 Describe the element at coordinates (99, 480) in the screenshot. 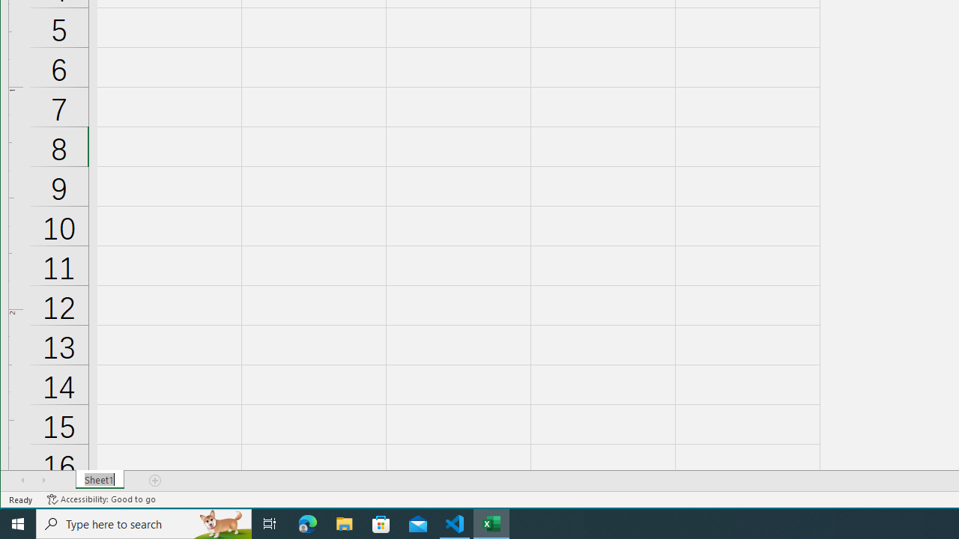

I see `'Sheet Tab'` at that location.